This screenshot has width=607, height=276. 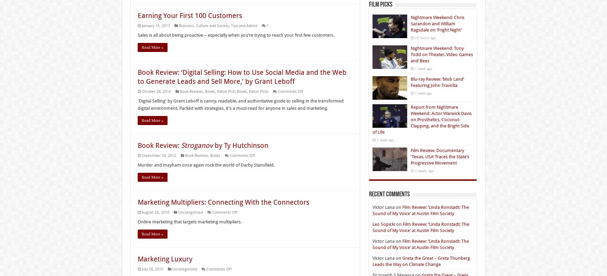 I want to click on 'July 28, 2010', so click(x=152, y=269).